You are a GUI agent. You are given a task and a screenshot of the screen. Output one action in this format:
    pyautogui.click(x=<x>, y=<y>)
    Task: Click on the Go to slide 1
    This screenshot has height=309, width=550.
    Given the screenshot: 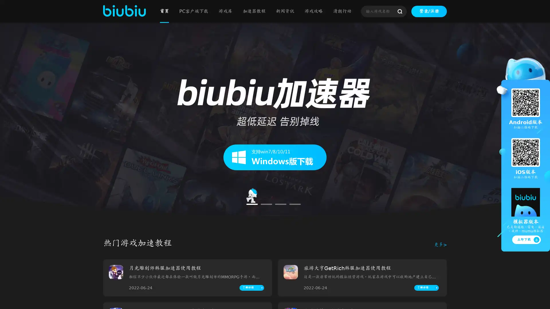 What is the action you would take?
    pyautogui.click(x=252, y=195)
    